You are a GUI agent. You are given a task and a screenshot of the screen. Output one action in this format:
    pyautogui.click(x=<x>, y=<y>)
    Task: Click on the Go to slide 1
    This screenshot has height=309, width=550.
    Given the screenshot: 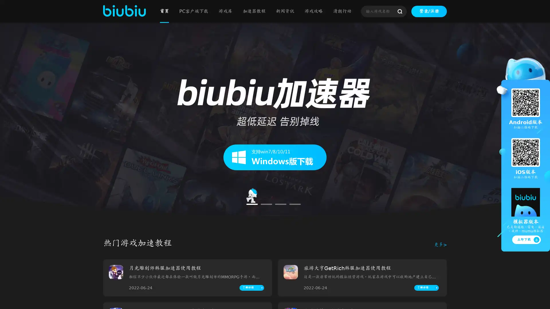 What is the action you would take?
    pyautogui.click(x=252, y=195)
    